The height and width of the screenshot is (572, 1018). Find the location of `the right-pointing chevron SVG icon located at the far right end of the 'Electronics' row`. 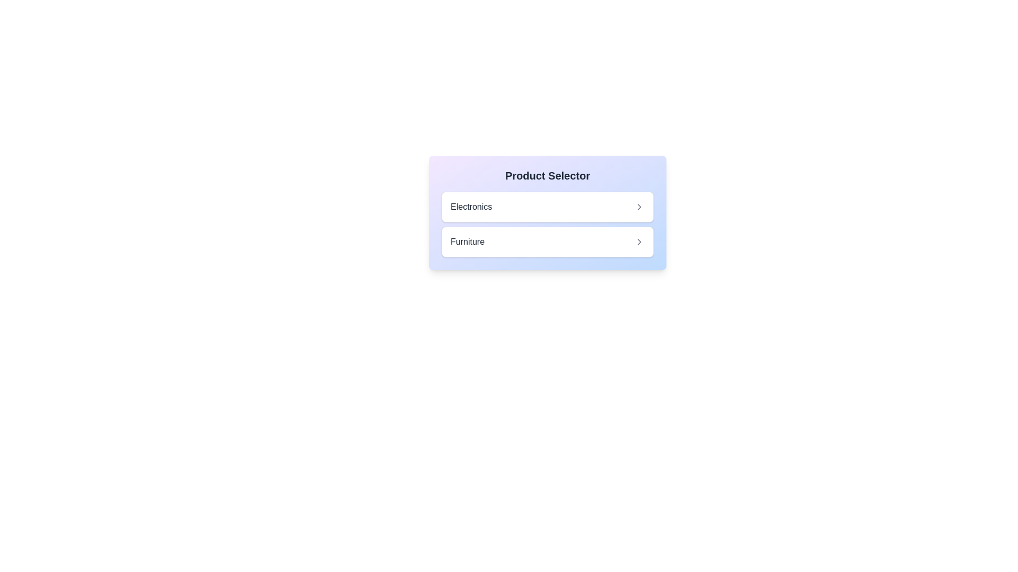

the right-pointing chevron SVG icon located at the far right end of the 'Electronics' row is located at coordinates (638, 207).